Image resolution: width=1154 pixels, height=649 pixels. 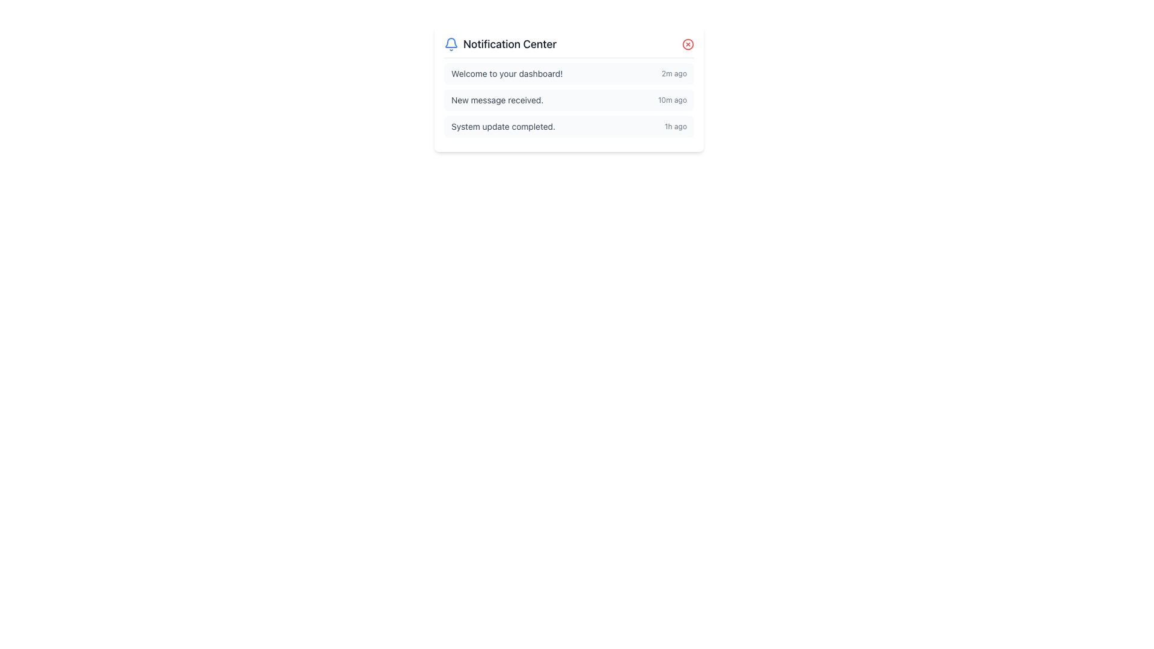 What do you see at coordinates (568, 127) in the screenshot?
I see `the notification entry displaying 'System update completed.' at the bottom of the notification center panel` at bounding box center [568, 127].